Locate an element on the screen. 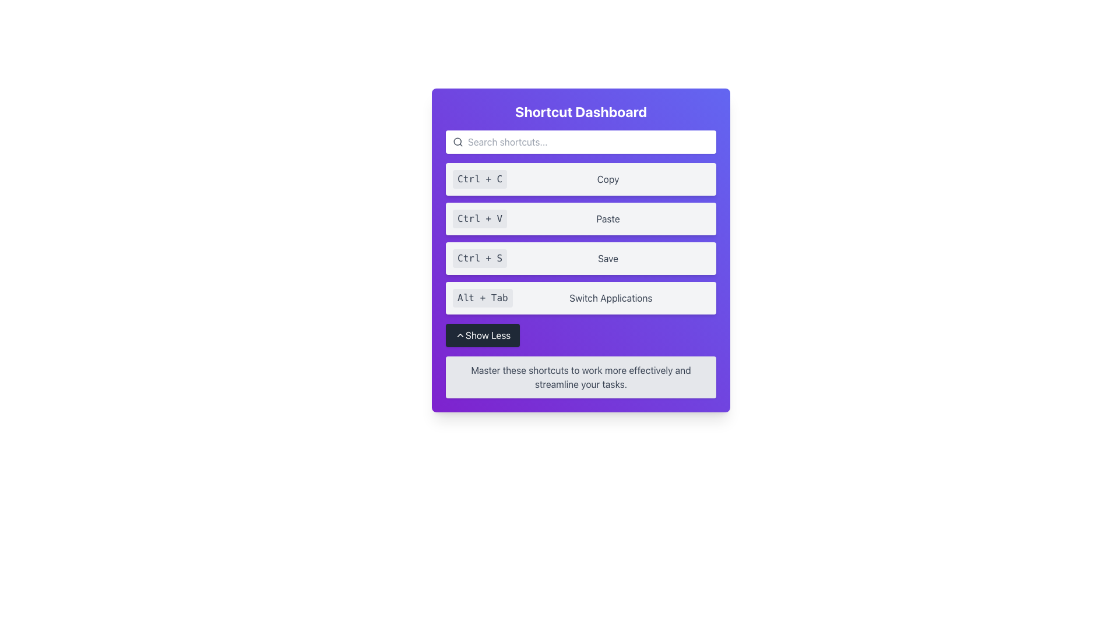 This screenshot has height=629, width=1119. the magnifying glass icon located at the leftmost part of the search input field is located at coordinates (458, 141).